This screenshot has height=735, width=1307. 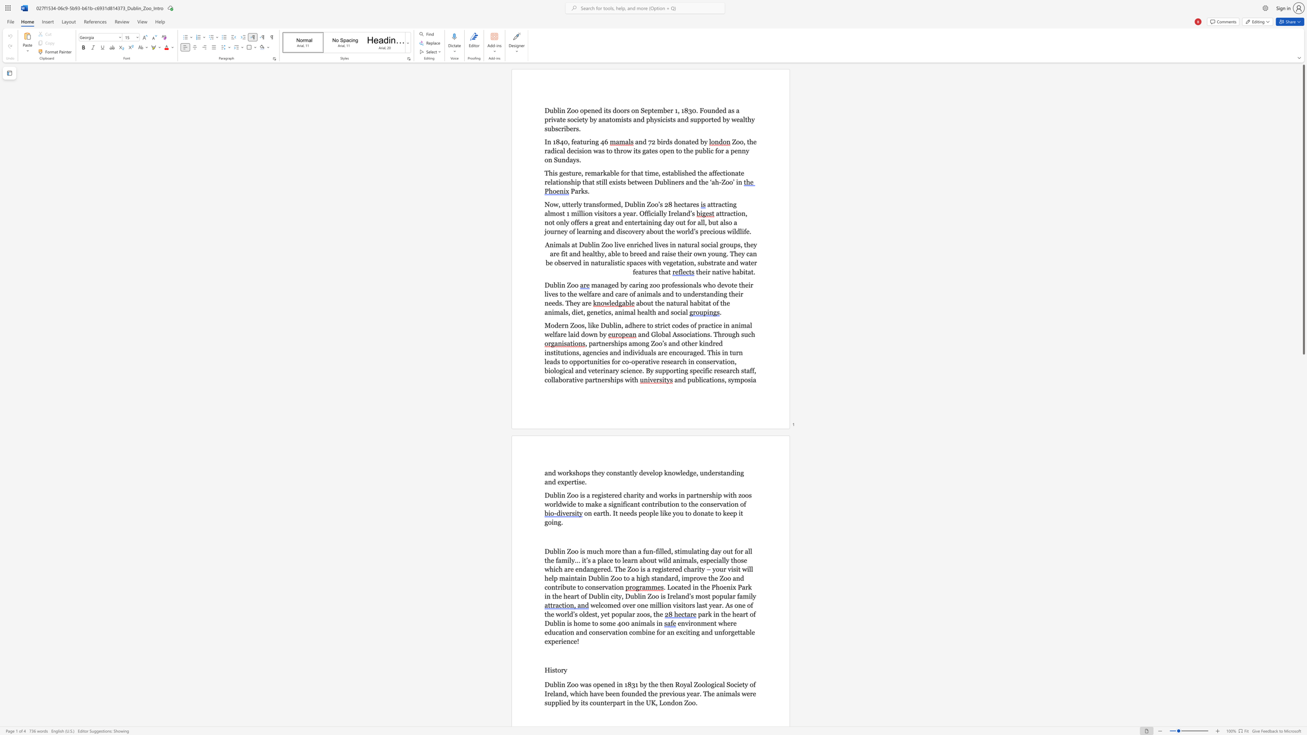 I want to click on the 2th character "s" in the text, so click(x=601, y=213).